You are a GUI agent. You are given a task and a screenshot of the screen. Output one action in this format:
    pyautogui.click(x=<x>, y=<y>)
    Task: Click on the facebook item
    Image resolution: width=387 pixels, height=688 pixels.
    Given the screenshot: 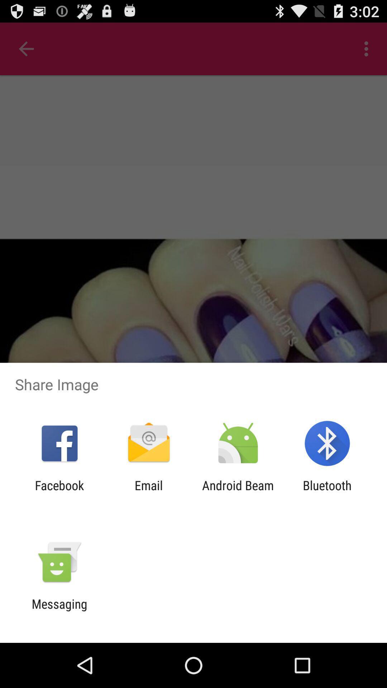 What is the action you would take?
    pyautogui.click(x=59, y=492)
    